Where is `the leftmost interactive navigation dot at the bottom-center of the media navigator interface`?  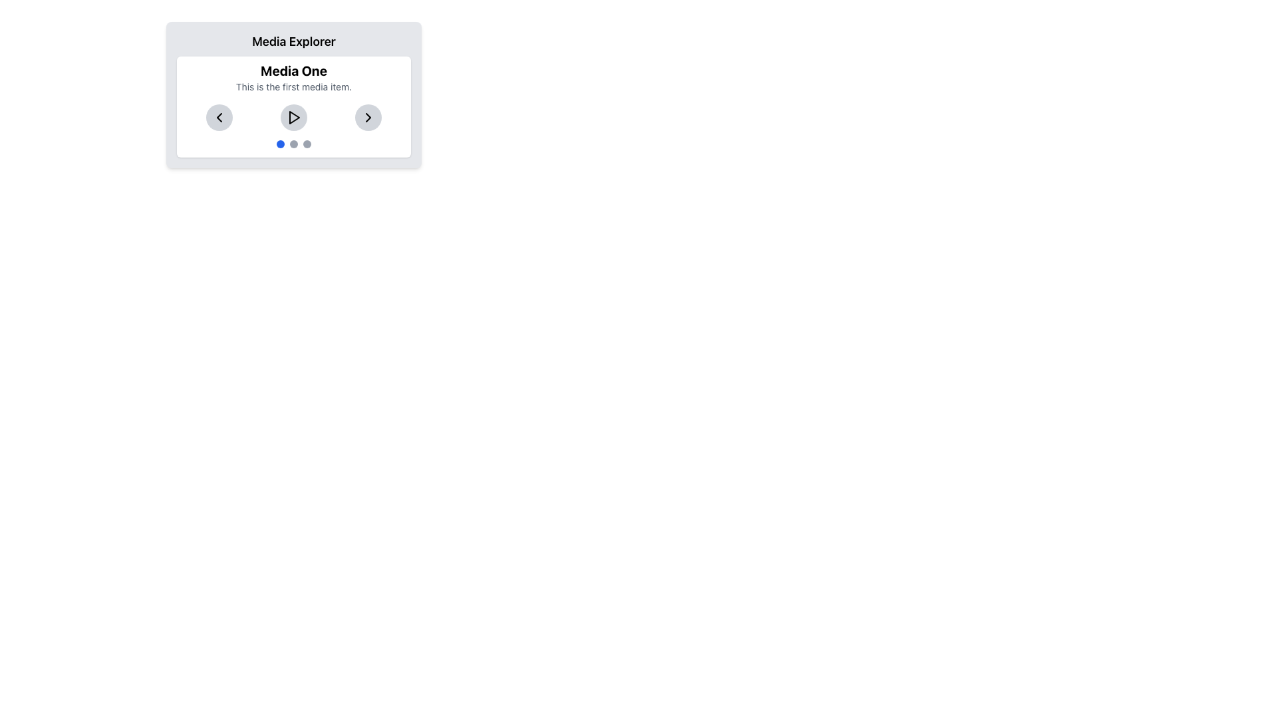 the leftmost interactive navigation dot at the bottom-center of the media navigator interface is located at coordinates (280, 144).